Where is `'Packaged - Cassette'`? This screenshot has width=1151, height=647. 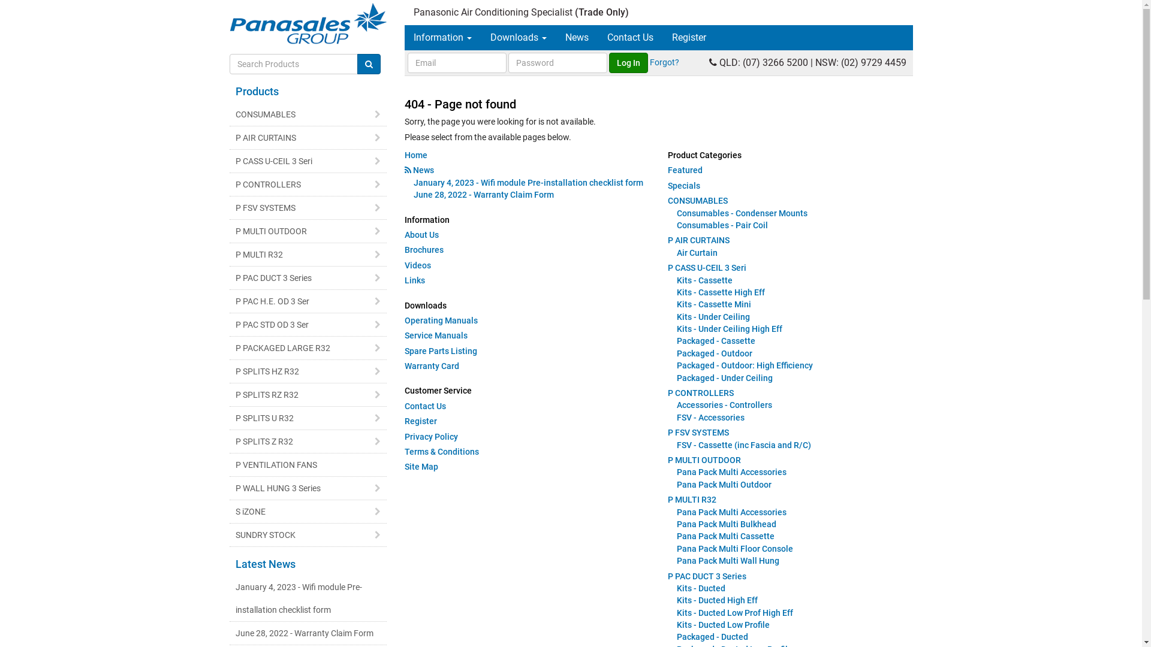 'Packaged - Cassette' is located at coordinates (716, 341).